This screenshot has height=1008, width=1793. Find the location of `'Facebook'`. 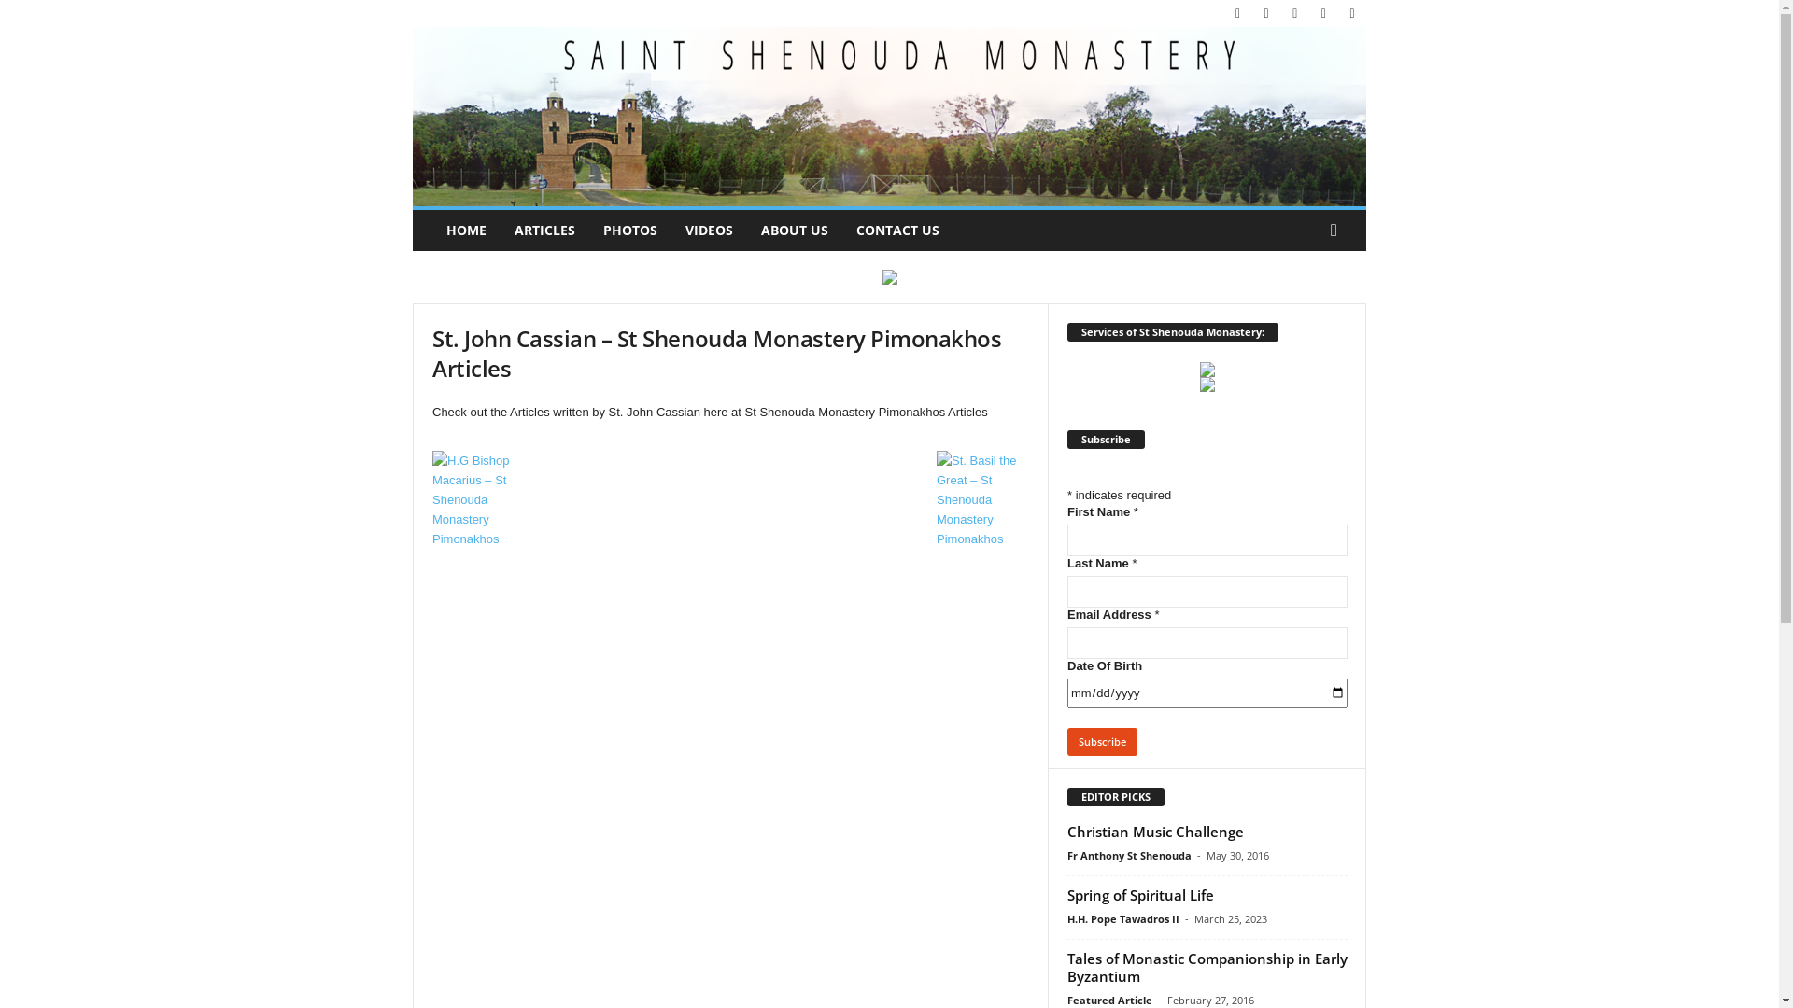

'Facebook' is located at coordinates (1237, 13).